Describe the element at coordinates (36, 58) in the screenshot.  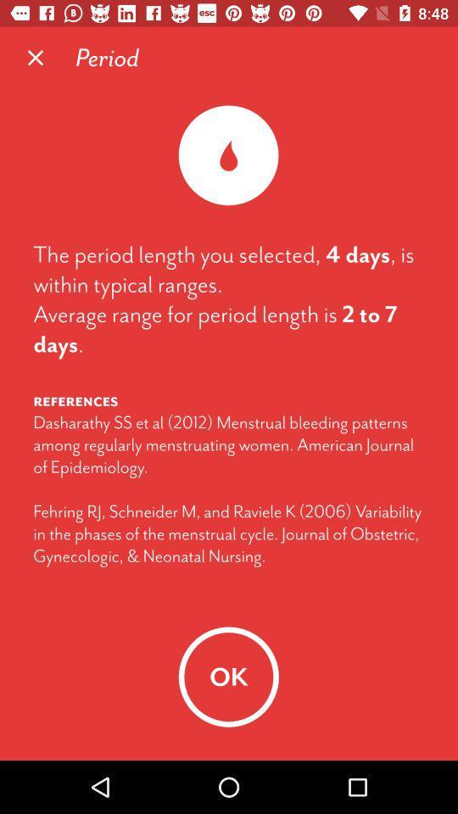
I see `exit this page` at that location.